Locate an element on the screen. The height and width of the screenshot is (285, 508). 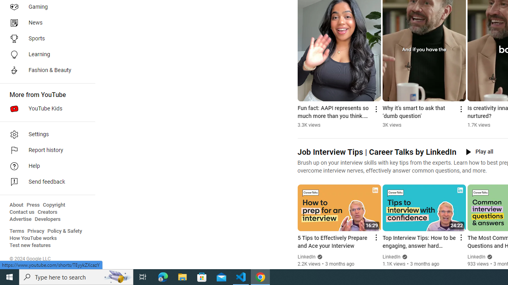
'Sports' is located at coordinates (44, 38).